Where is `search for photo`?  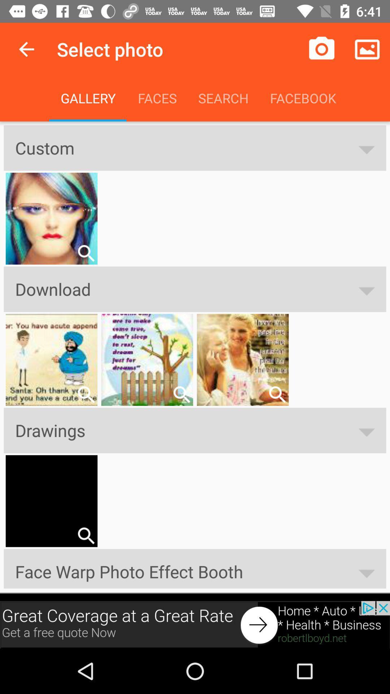
search for photo is located at coordinates (277, 394).